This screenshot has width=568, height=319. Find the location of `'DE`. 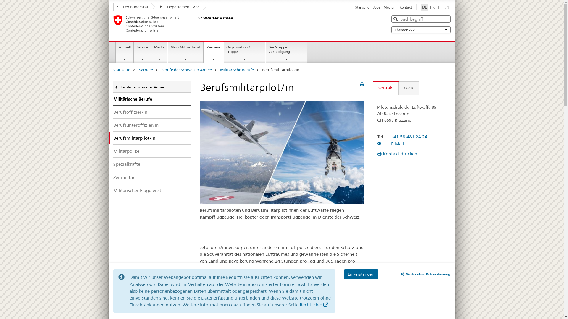

'DE is located at coordinates (424, 7).